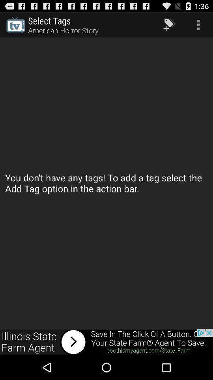 This screenshot has width=213, height=380. Describe the element at coordinates (106, 342) in the screenshot. I see `back arrow` at that location.